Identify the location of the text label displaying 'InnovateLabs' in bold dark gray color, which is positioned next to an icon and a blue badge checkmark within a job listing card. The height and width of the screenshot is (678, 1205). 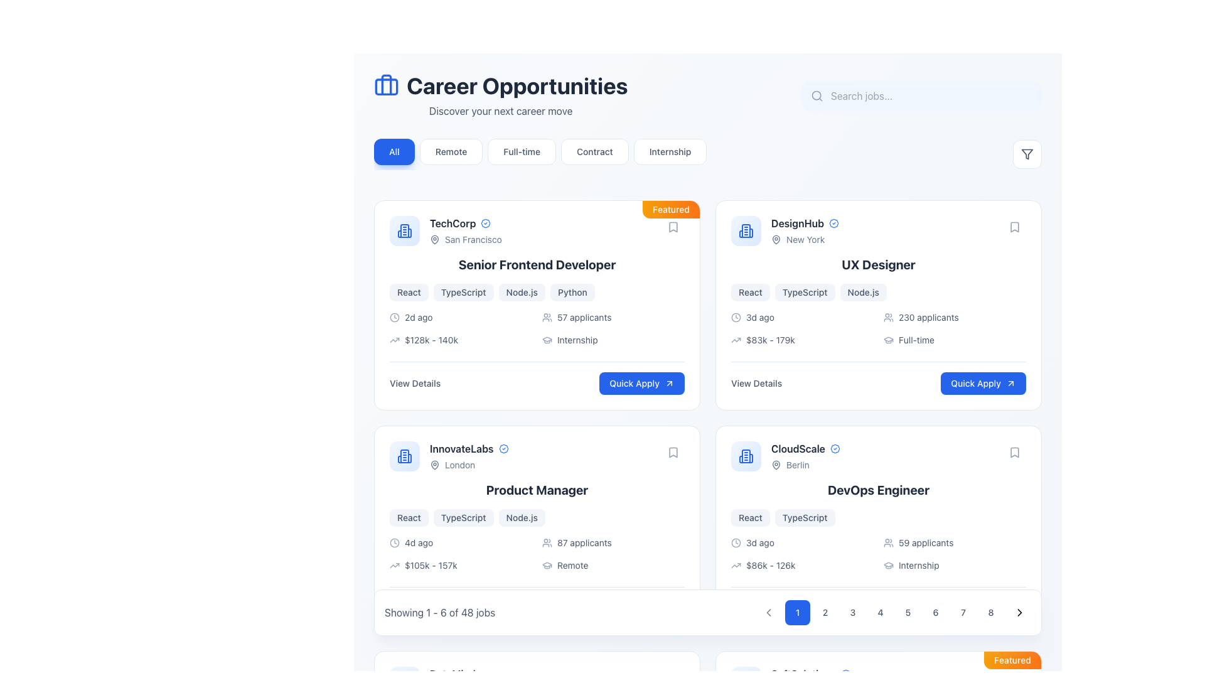
(461, 448).